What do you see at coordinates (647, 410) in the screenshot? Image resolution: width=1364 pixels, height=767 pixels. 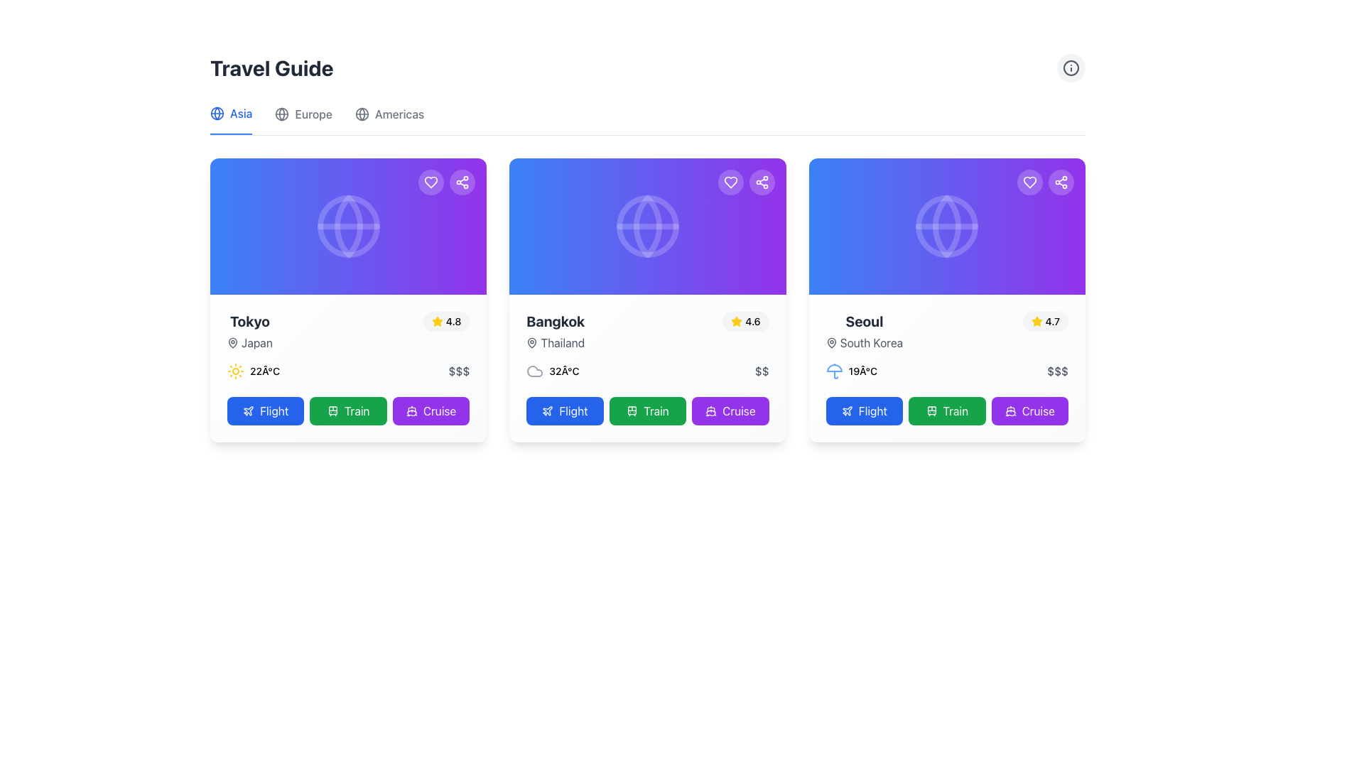 I see `the green 'Train' button located at the bottom of the 'Bangkok' card` at bounding box center [647, 410].